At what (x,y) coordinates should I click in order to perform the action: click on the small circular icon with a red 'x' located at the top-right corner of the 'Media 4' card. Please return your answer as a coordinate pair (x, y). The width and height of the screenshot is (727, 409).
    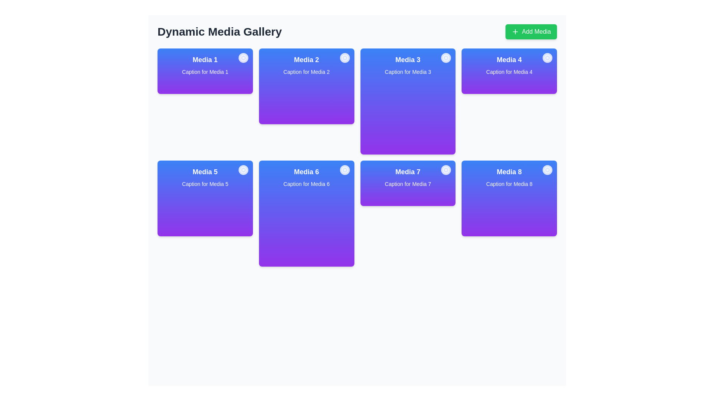
    Looking at the image, I should click on (547, 58).